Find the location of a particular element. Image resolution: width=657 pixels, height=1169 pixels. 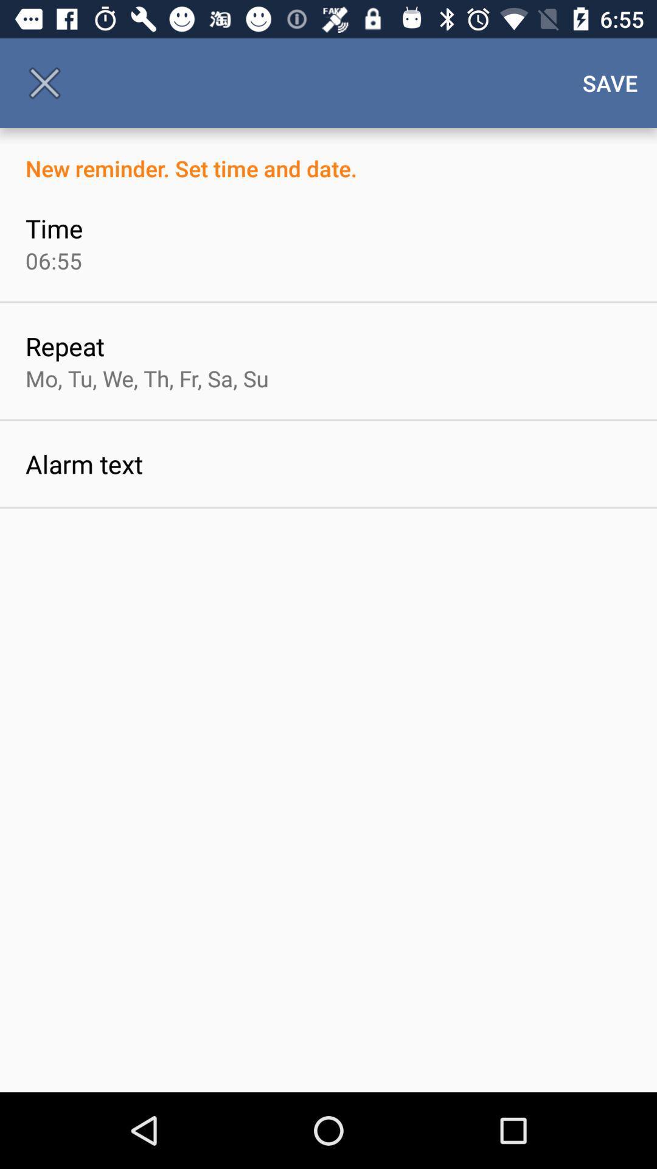

mo tu we item is located at coordinates (146, 377).